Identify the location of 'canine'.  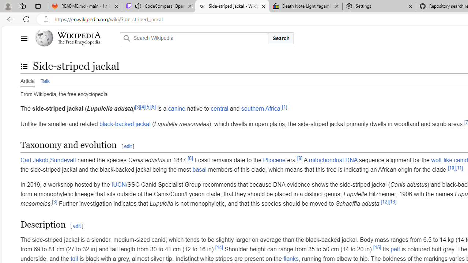
(177, 108).